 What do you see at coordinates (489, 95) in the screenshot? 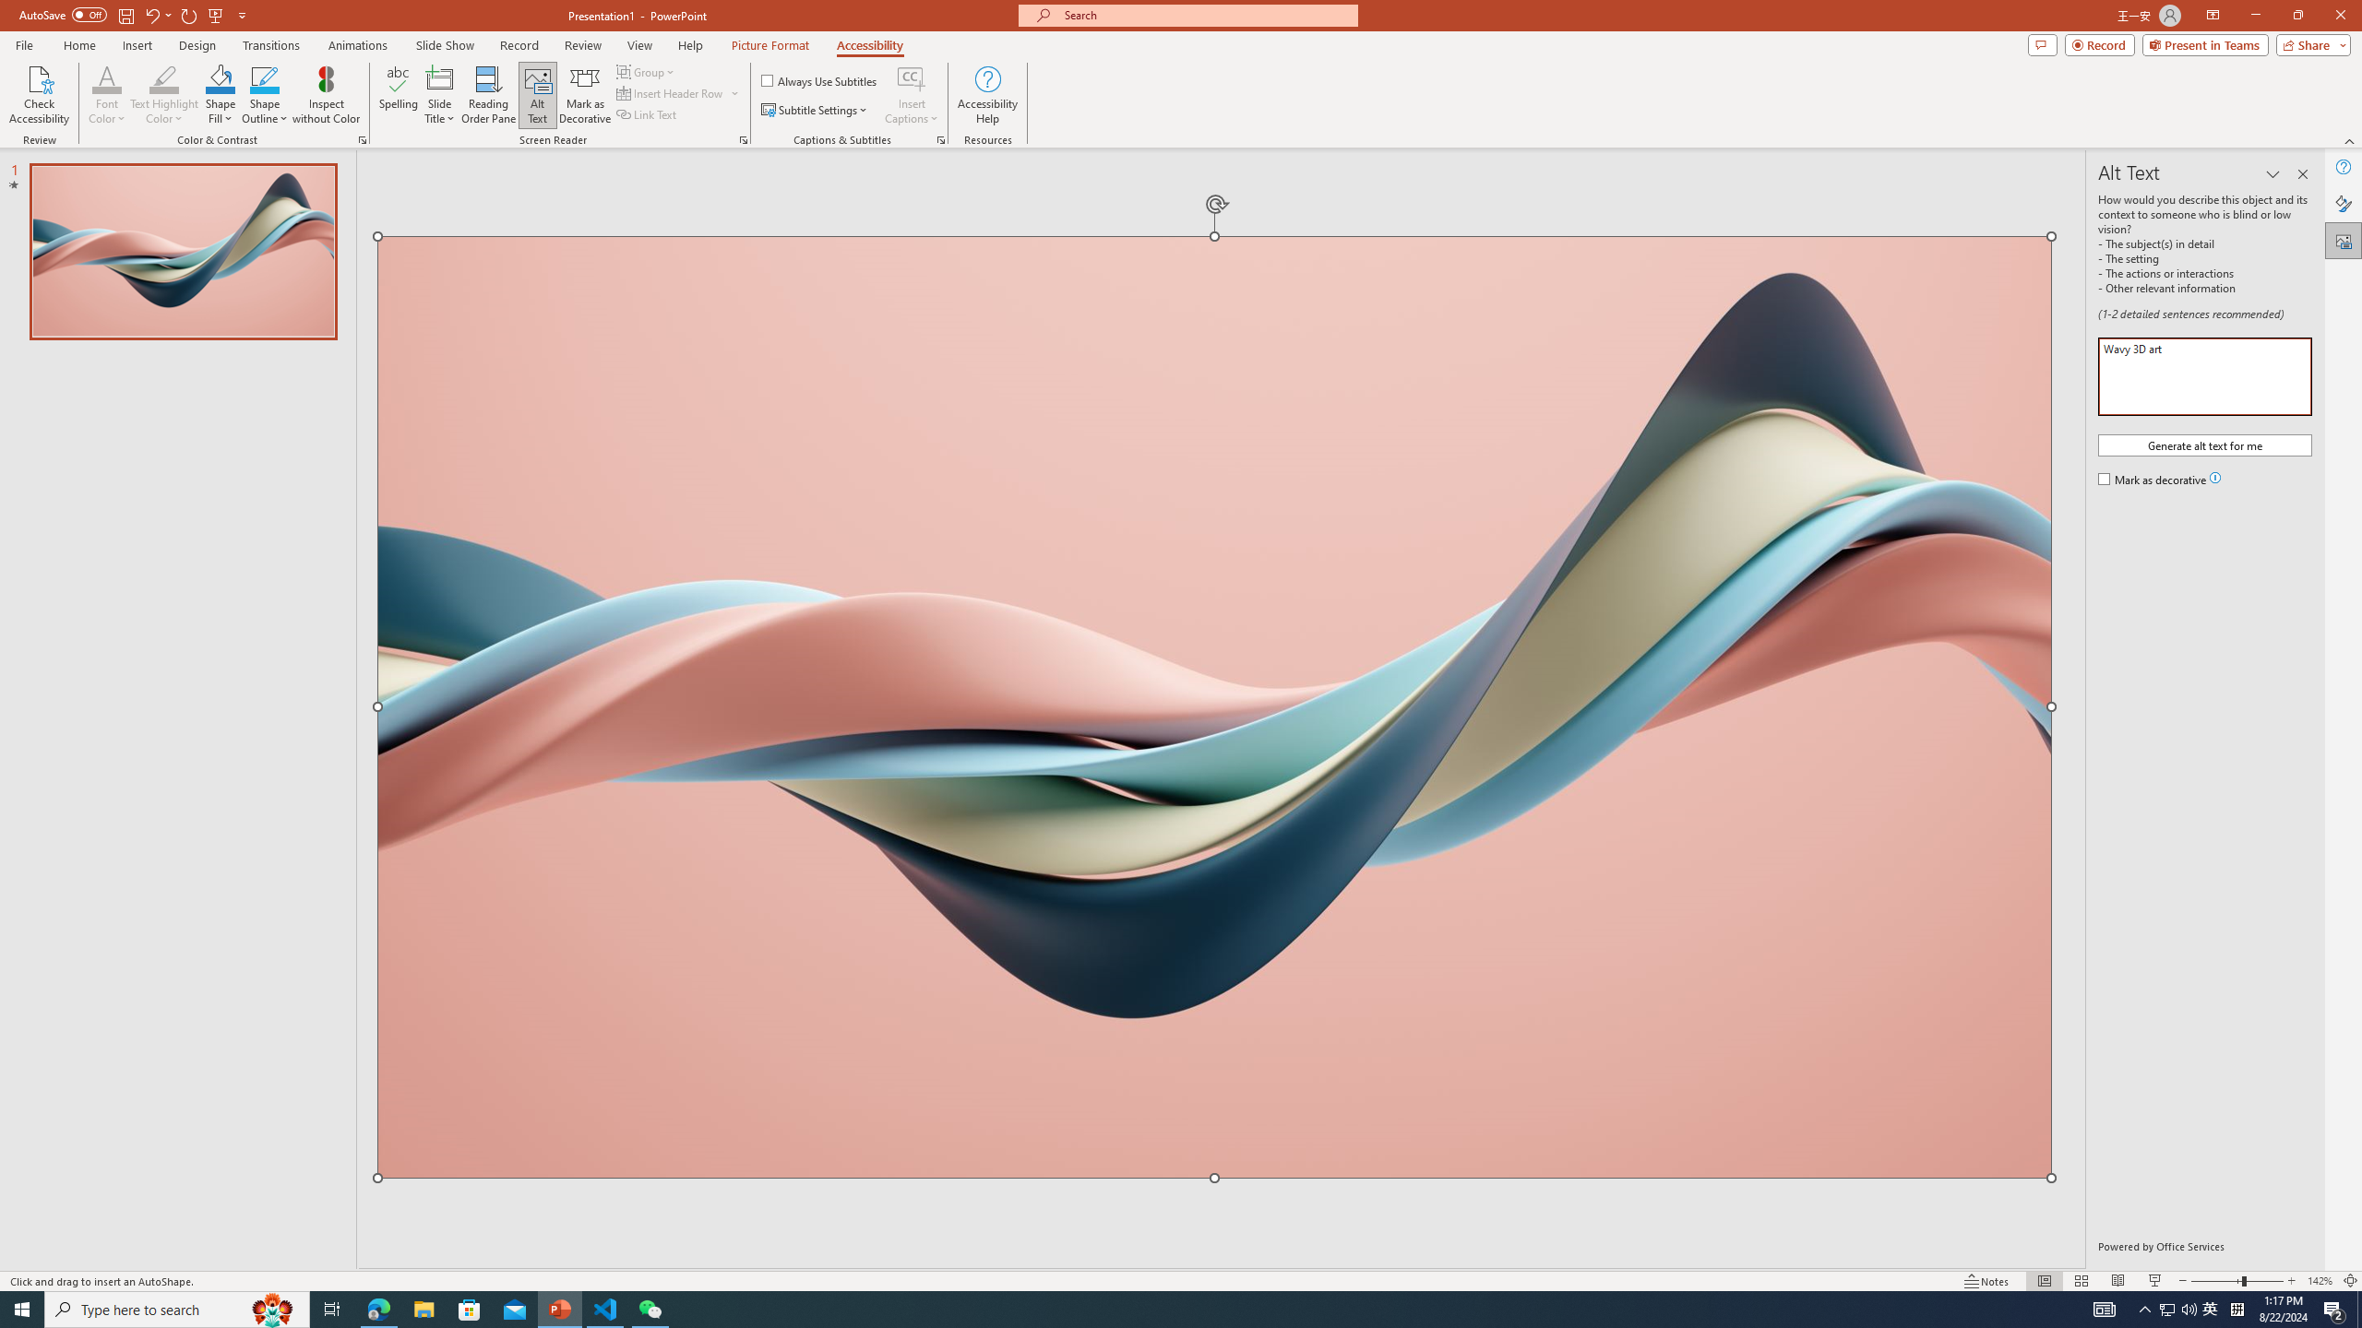
I see `'Reading Order Pane'` at bounding box center [489, 95].